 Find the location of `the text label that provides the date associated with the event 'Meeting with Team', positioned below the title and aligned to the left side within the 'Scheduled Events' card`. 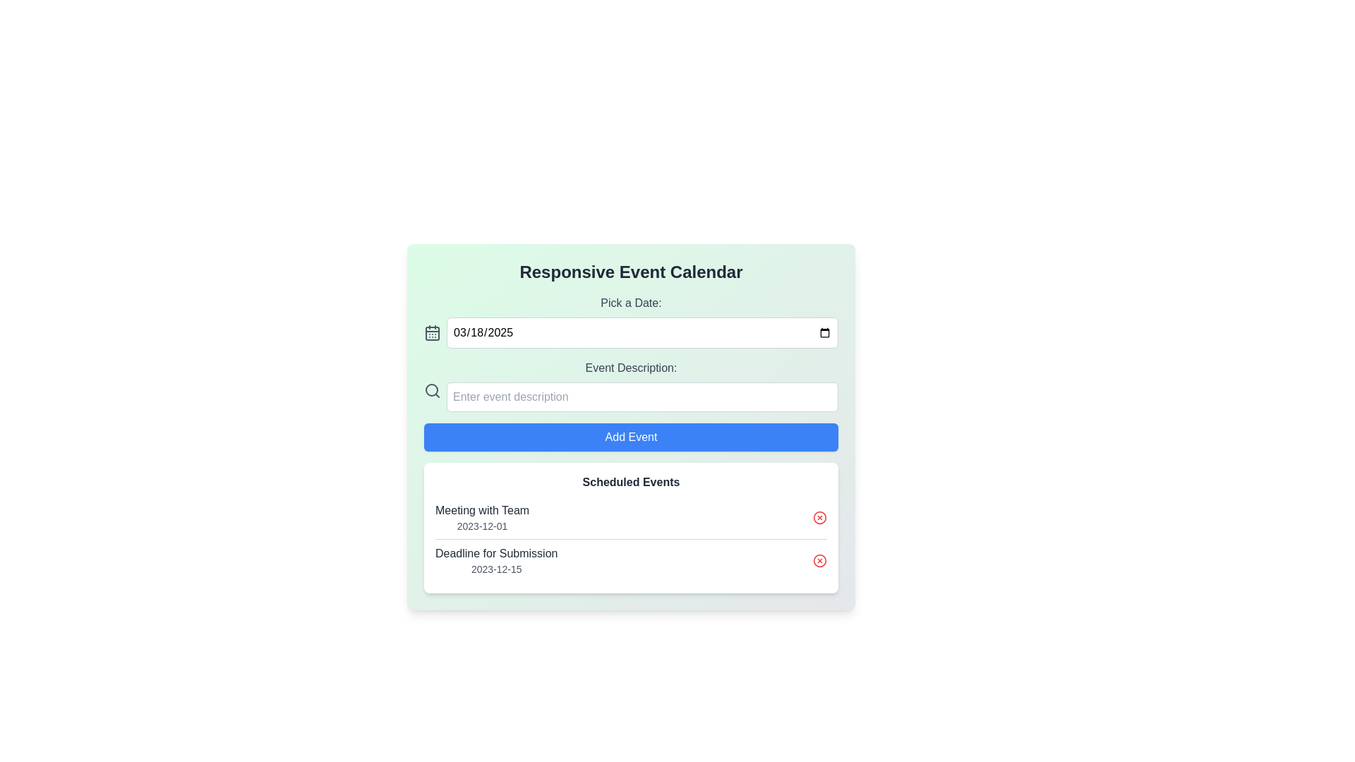

the text label that provides the date associated with the event 'Meeting with Team', positioned below the title and aligned to the left side within the 'Scheduled Events' card is located at coordinates (482, 526).